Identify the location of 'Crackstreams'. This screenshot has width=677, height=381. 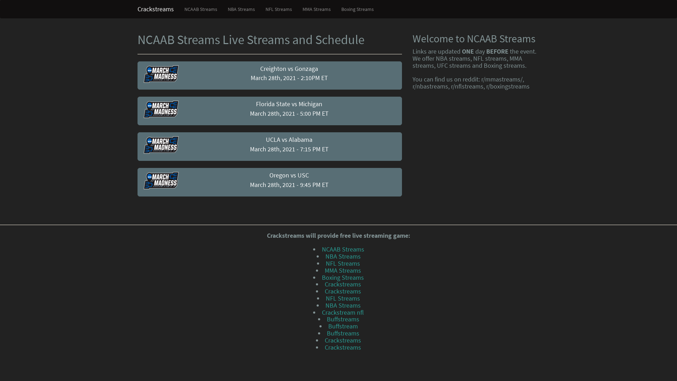
(343, 284).